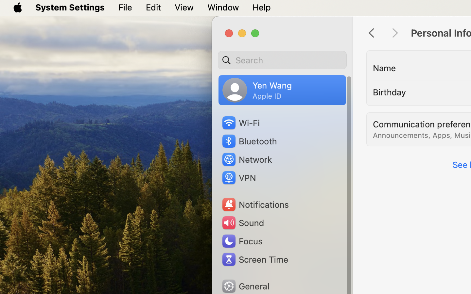  Describe the element at coordinates (249, 141) in the screenshot. I see `'Bluetooth'` at that location.